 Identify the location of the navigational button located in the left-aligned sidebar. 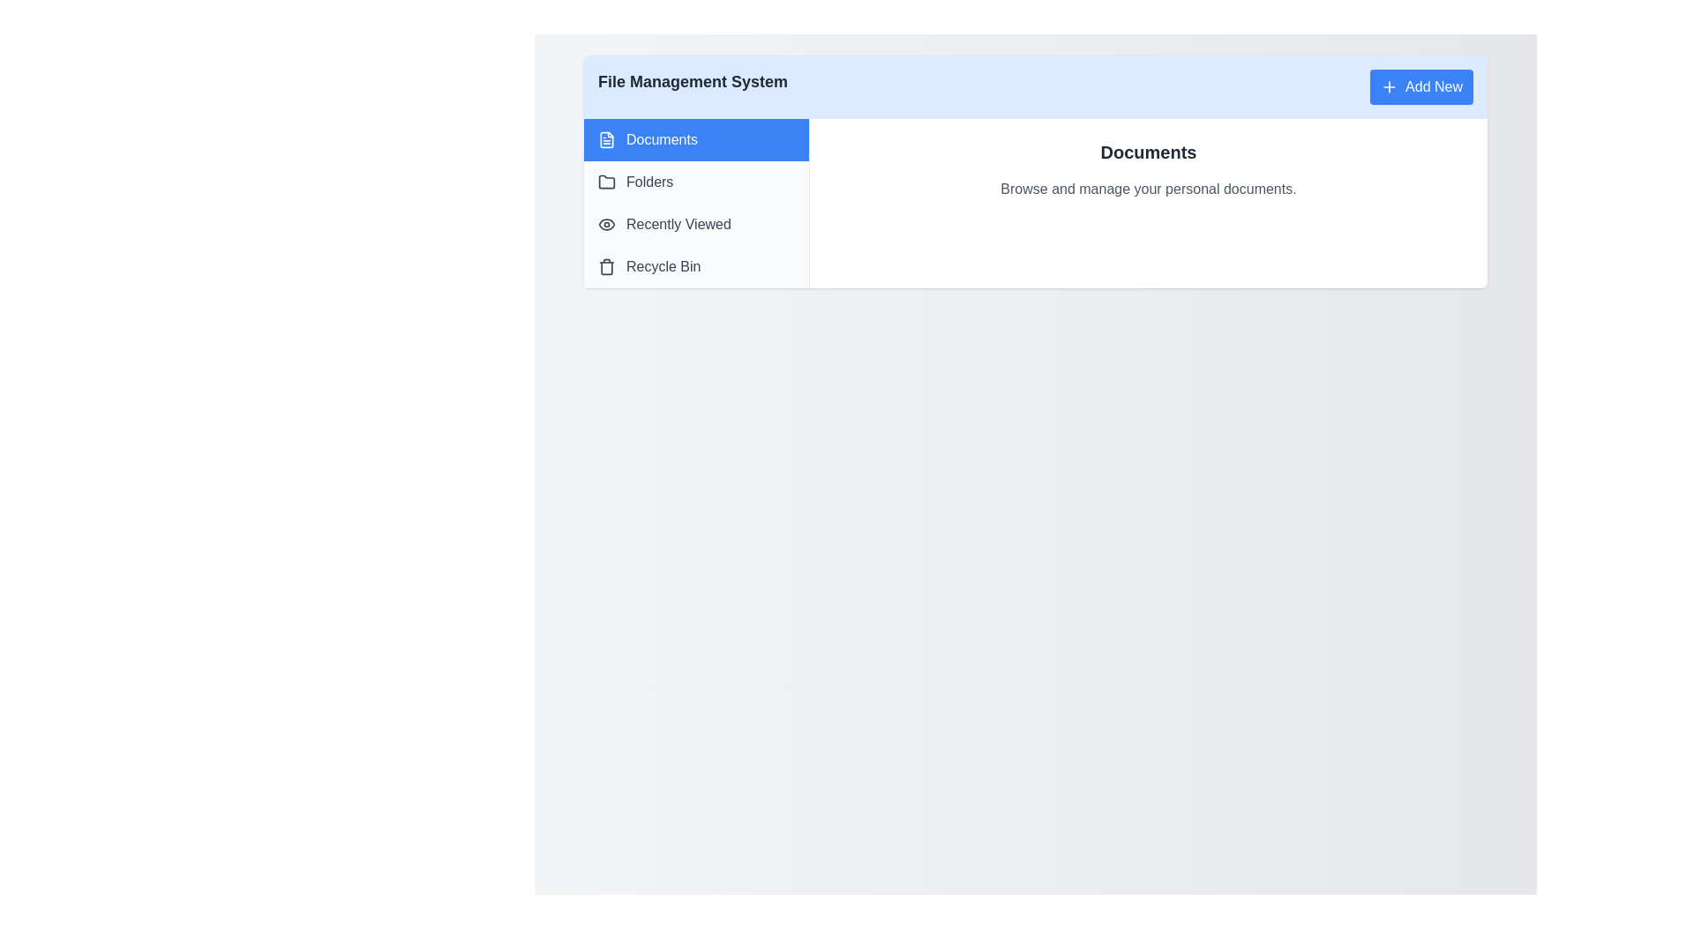
(695, 182).